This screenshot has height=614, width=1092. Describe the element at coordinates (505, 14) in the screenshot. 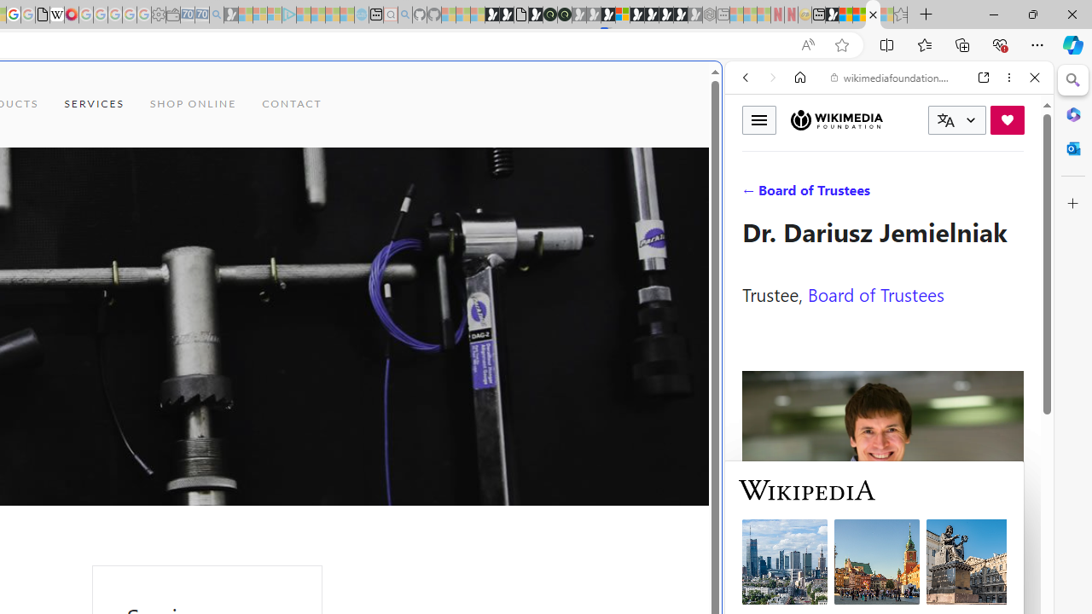

I see `'Play Zoo Boom in your browser | Games from Microsoft Start'` at that location.